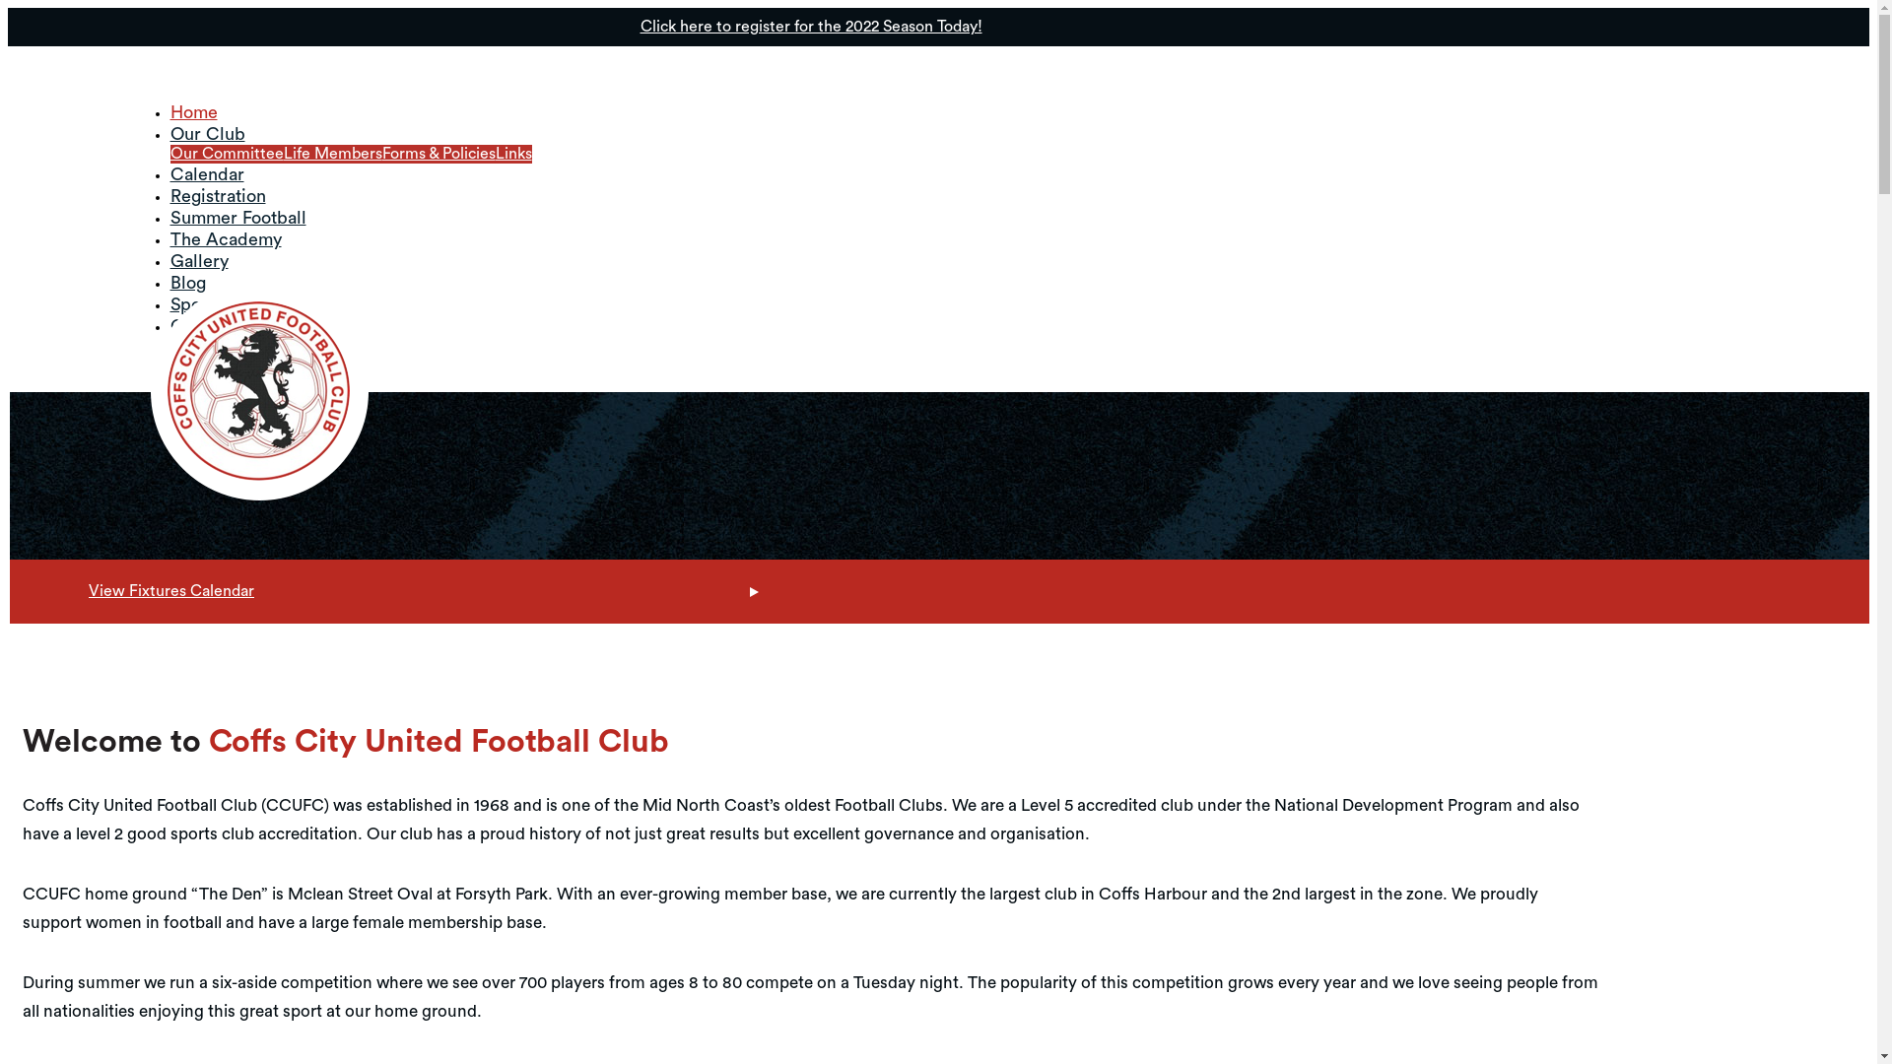 The image size is (1892, 1064). I want to click on 'Summer Football', so click(236, 217).